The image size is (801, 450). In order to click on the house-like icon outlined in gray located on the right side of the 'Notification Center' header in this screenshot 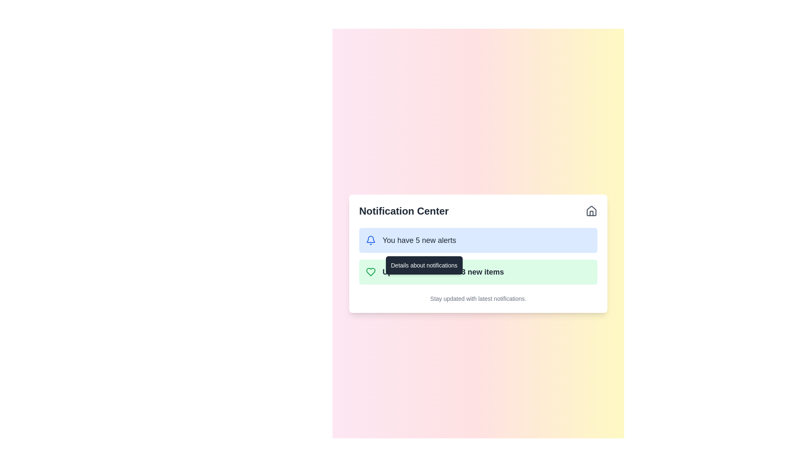, I will do `click(591, 210)`.